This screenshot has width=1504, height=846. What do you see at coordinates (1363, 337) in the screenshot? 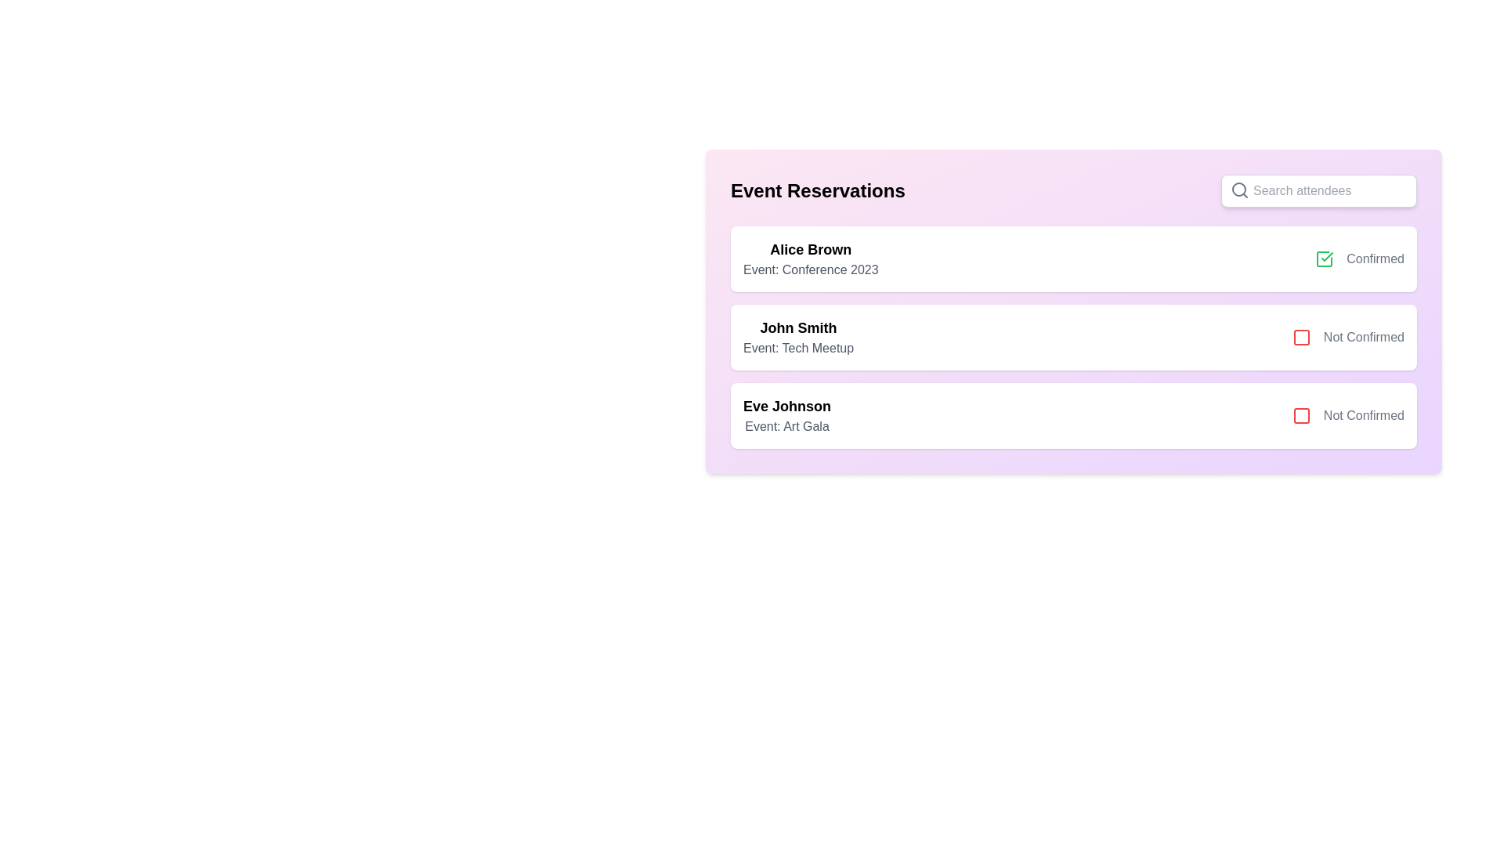
I see `the text label displaying 'Not Confirmed', which is located adjacent to a red square icon in the second item of a vertical list` at bounding box center [1363, 337].